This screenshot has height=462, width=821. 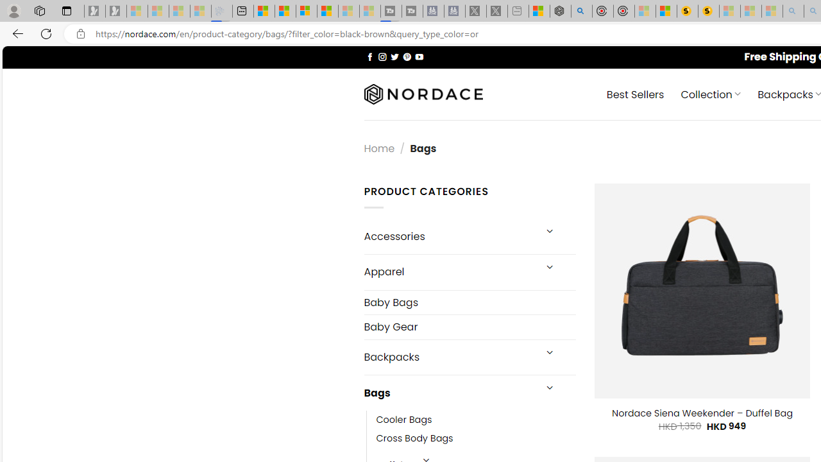 I want to click on 'Nordace - Summer Adventures 2024', so click(x=560, y=11).